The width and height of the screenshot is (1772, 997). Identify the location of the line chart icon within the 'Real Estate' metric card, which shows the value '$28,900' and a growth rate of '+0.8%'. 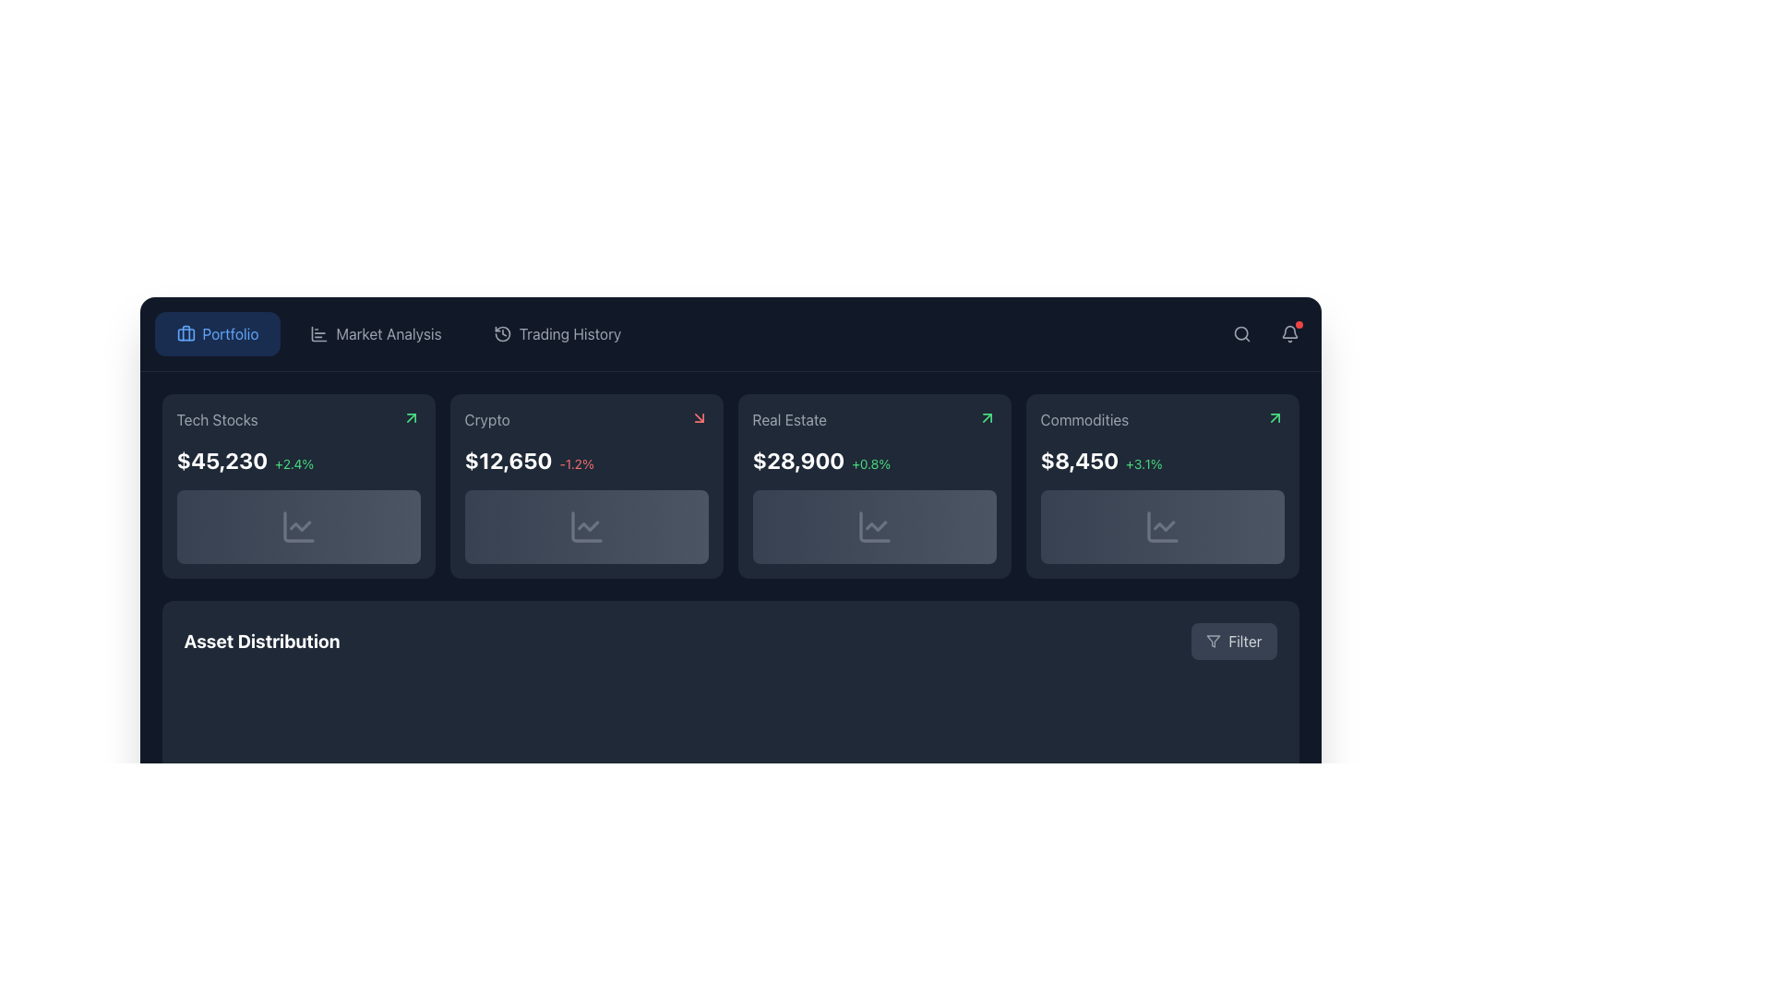
(873, 526).